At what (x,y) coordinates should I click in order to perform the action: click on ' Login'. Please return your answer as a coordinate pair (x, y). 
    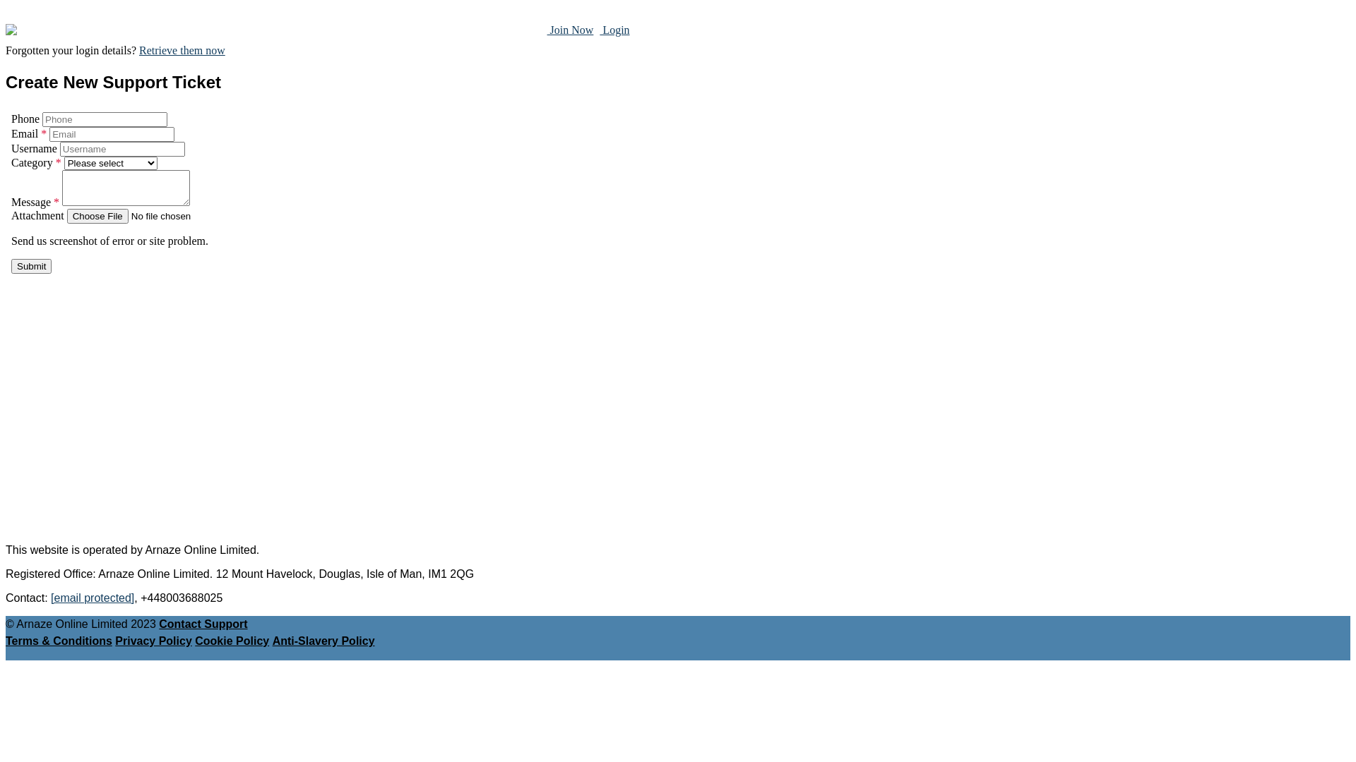
    Looking at the image, I should click on (614, 30).